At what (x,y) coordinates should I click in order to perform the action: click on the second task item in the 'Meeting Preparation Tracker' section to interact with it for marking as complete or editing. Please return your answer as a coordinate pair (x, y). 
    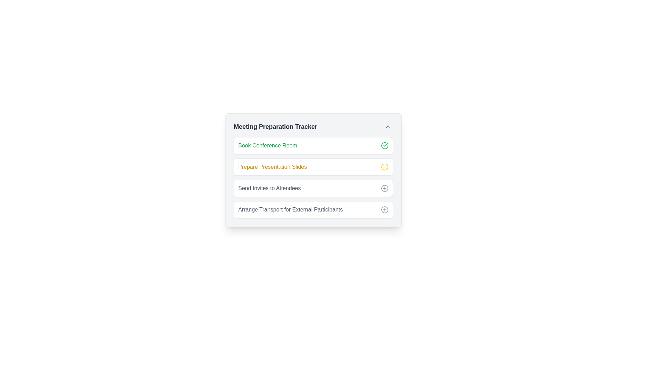
    Looking at the image, I should click on (313, 177).